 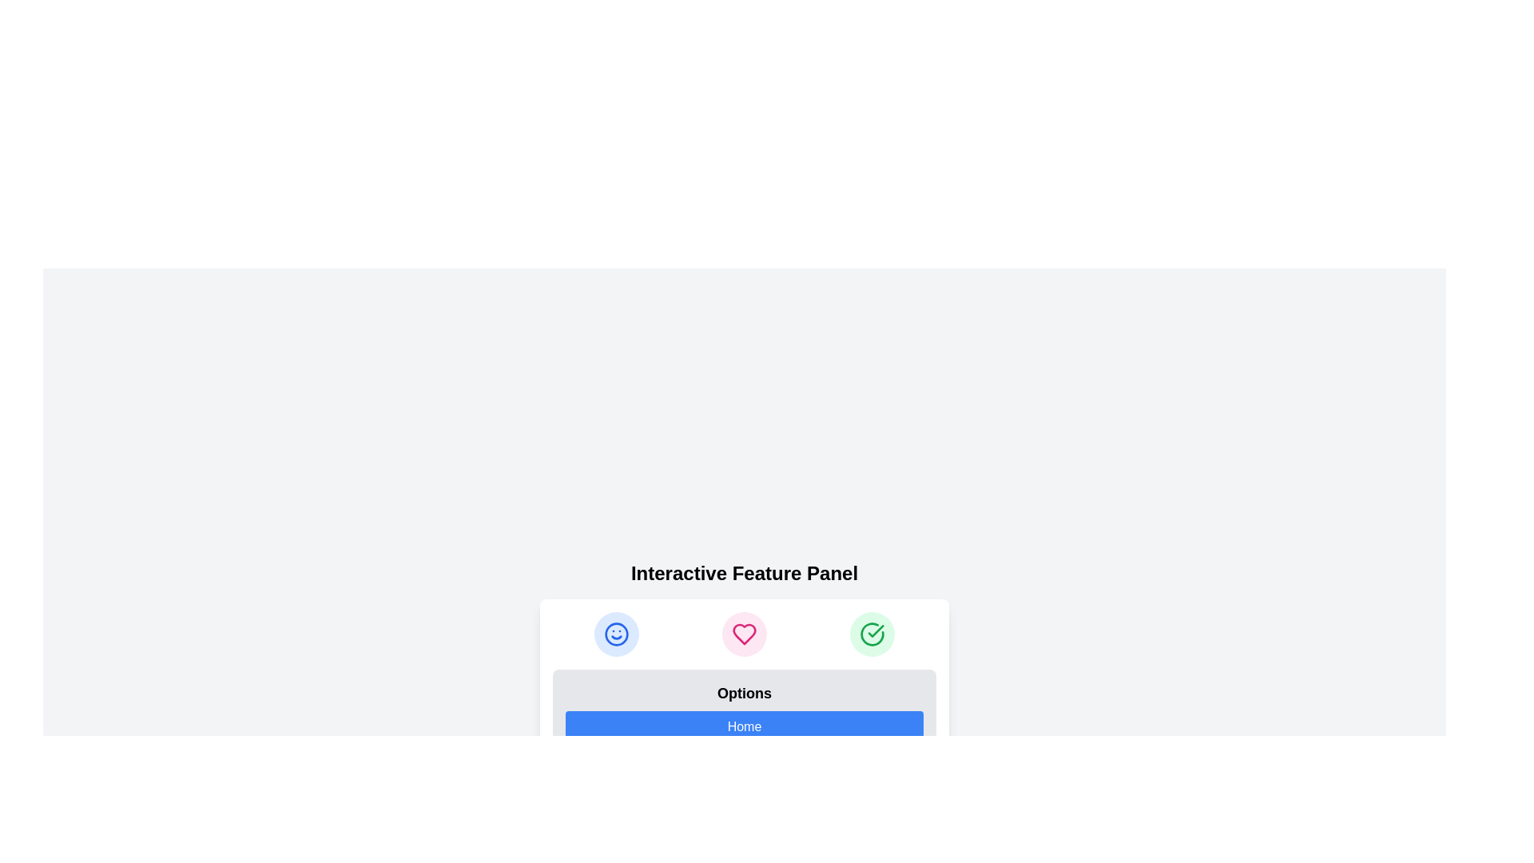 What do you see at coordinates (743, 634) in the screenshot?
I see `the pink heart-shaped icon, which is the middle icon in a row of three at the top section of the panel` at bounding box center [743, 634].